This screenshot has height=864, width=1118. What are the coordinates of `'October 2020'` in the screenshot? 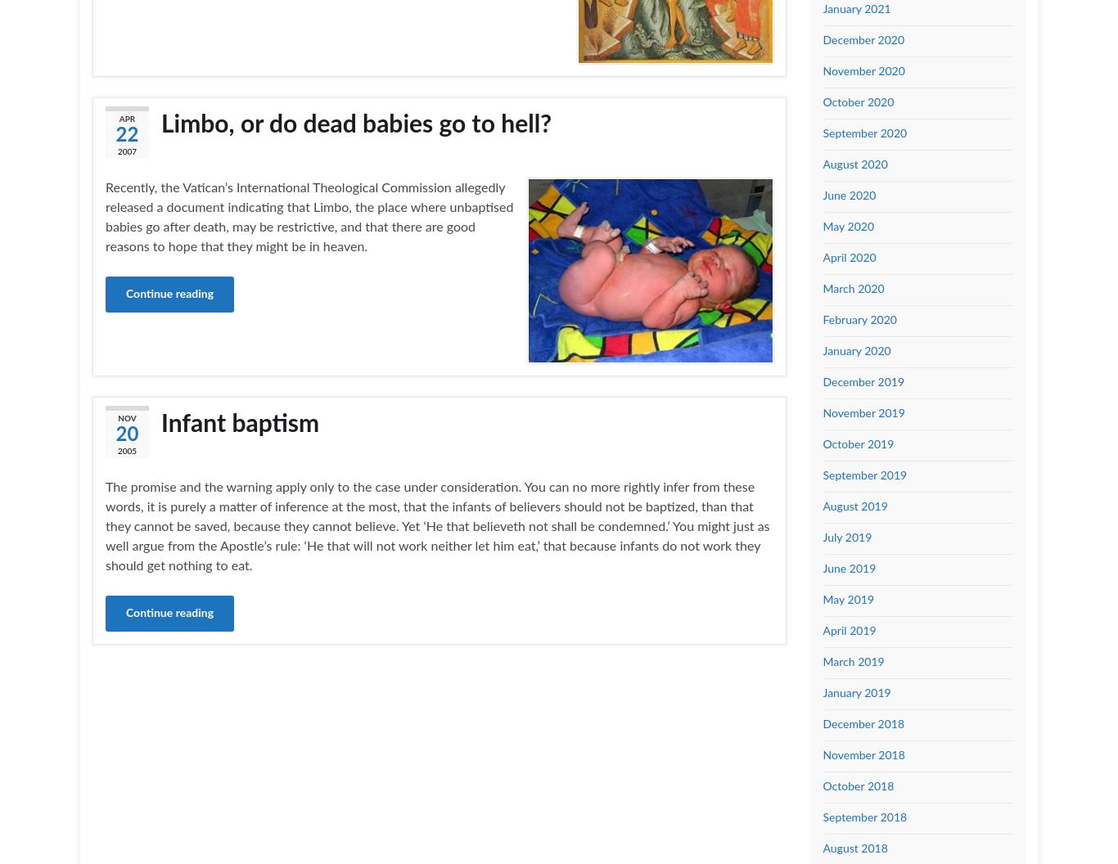 It's located at (857, 101).